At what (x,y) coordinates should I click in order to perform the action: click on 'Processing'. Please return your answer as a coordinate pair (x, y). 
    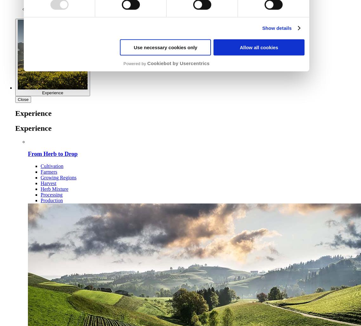
    Looking at the image, I should click on (51, 195).